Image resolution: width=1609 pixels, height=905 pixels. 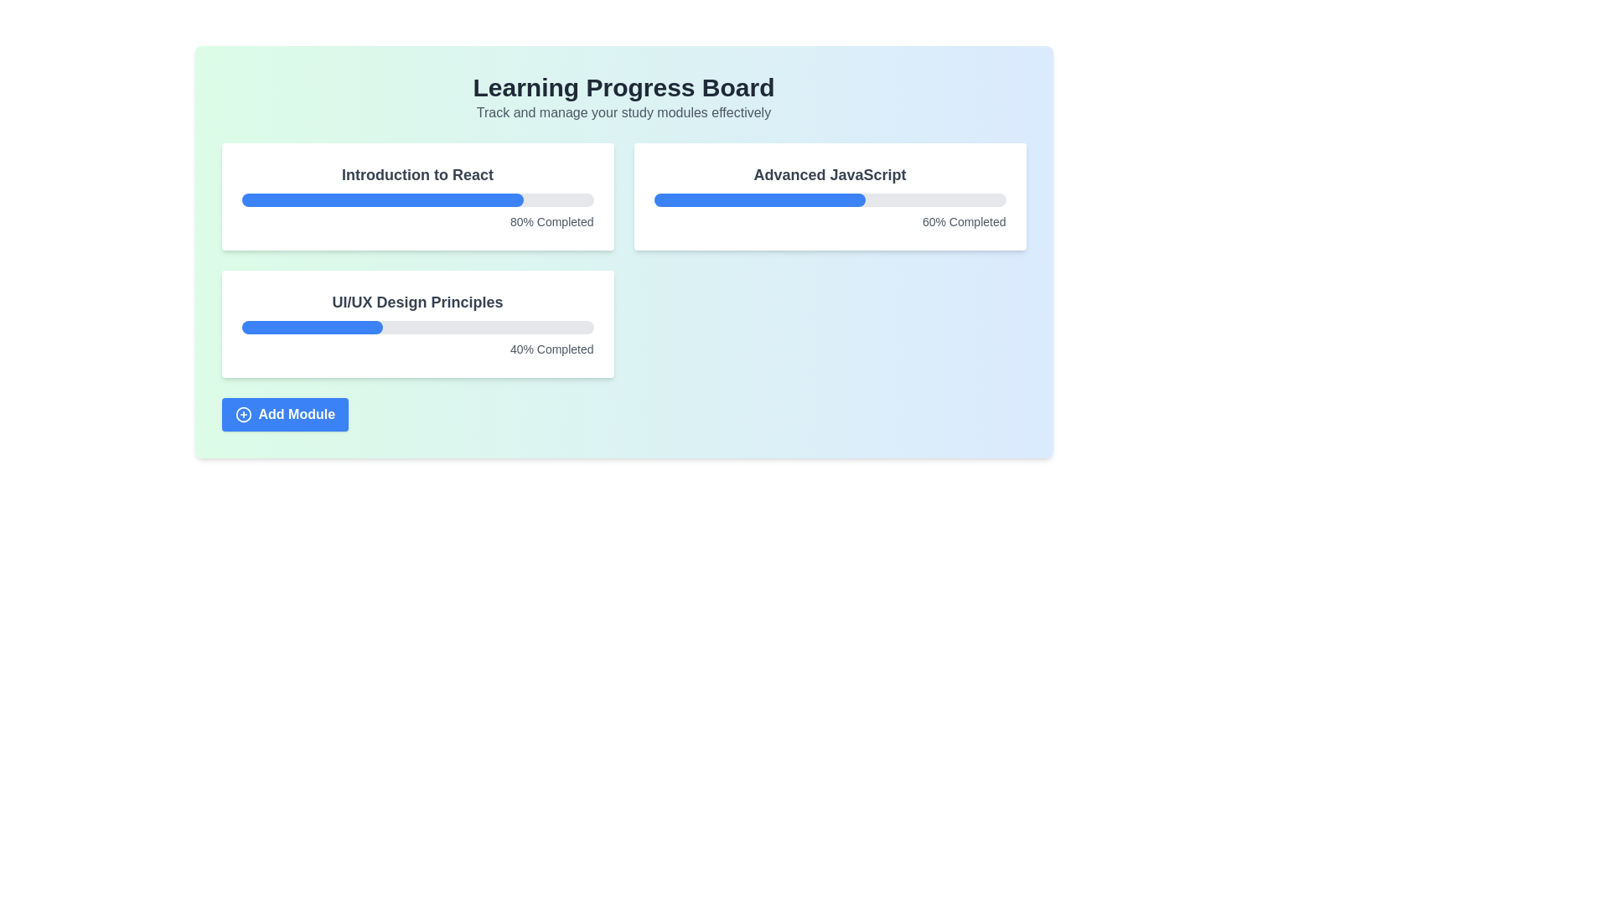 I want to click on the blue progress bar segment indicating 40% completion within the 'UI/UX Design Principles' progress bar on the dashboard, so click(x=312, y=327).